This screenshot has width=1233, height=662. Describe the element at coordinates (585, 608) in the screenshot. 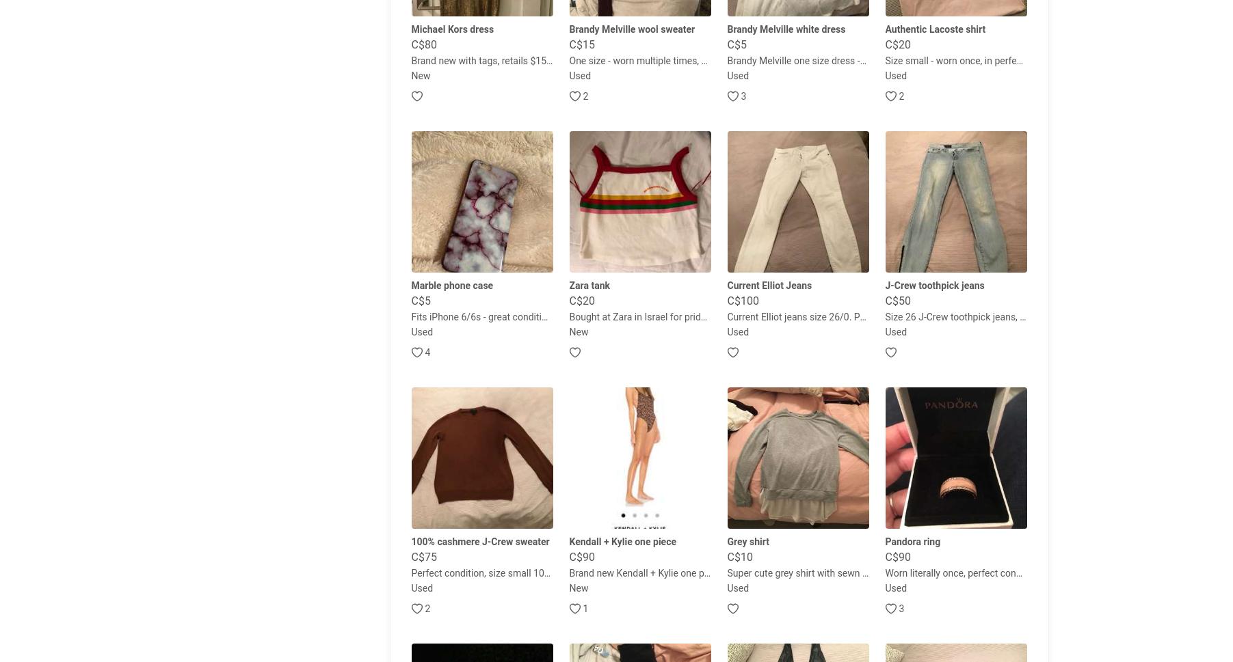

I see `'1'` at that location.